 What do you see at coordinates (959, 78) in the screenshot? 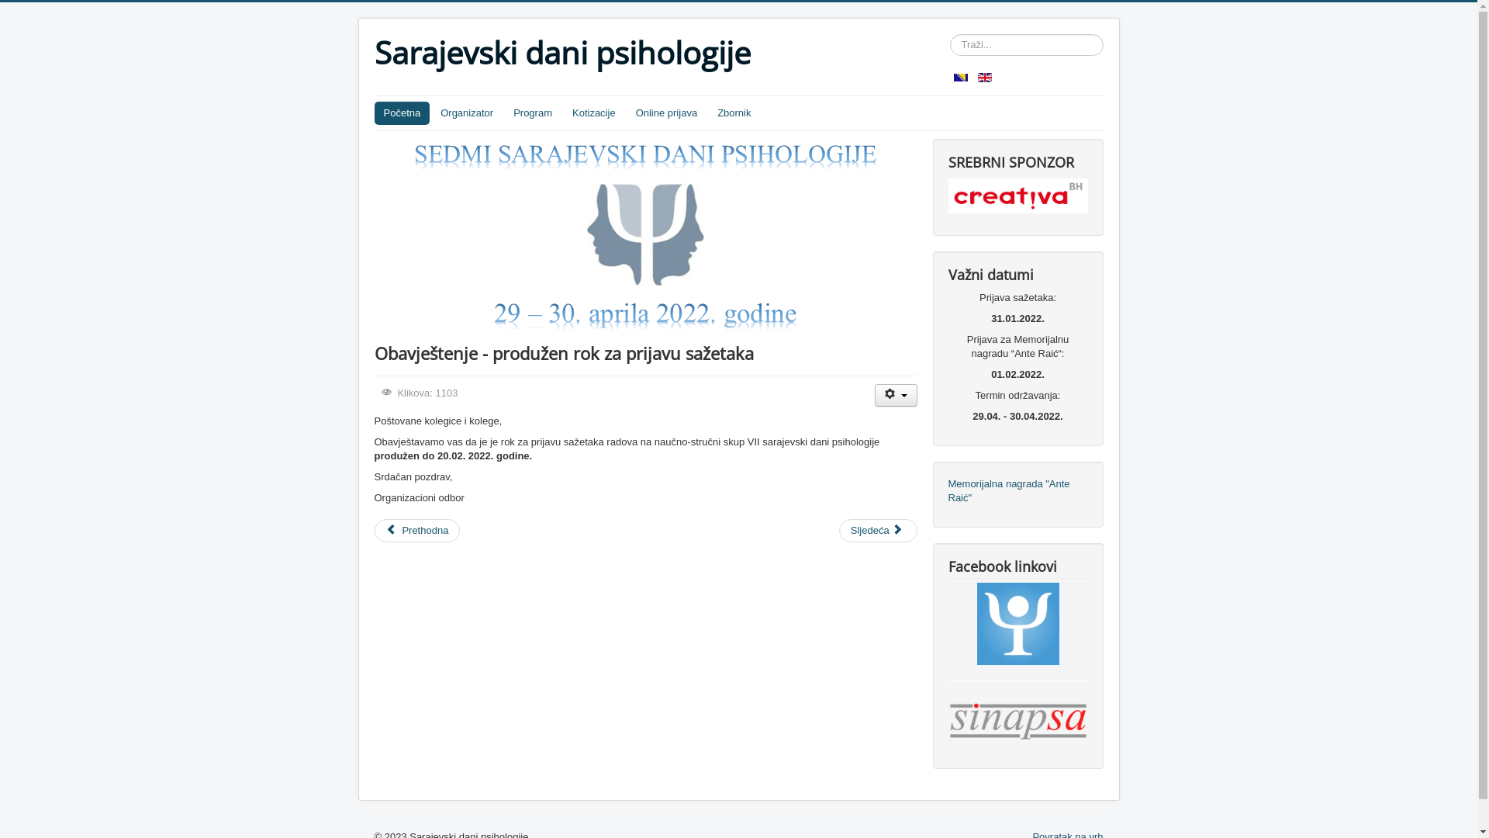
I see `'Bosanski (Bosnia and Herzegovina)'` at bounding box center [959, 78].